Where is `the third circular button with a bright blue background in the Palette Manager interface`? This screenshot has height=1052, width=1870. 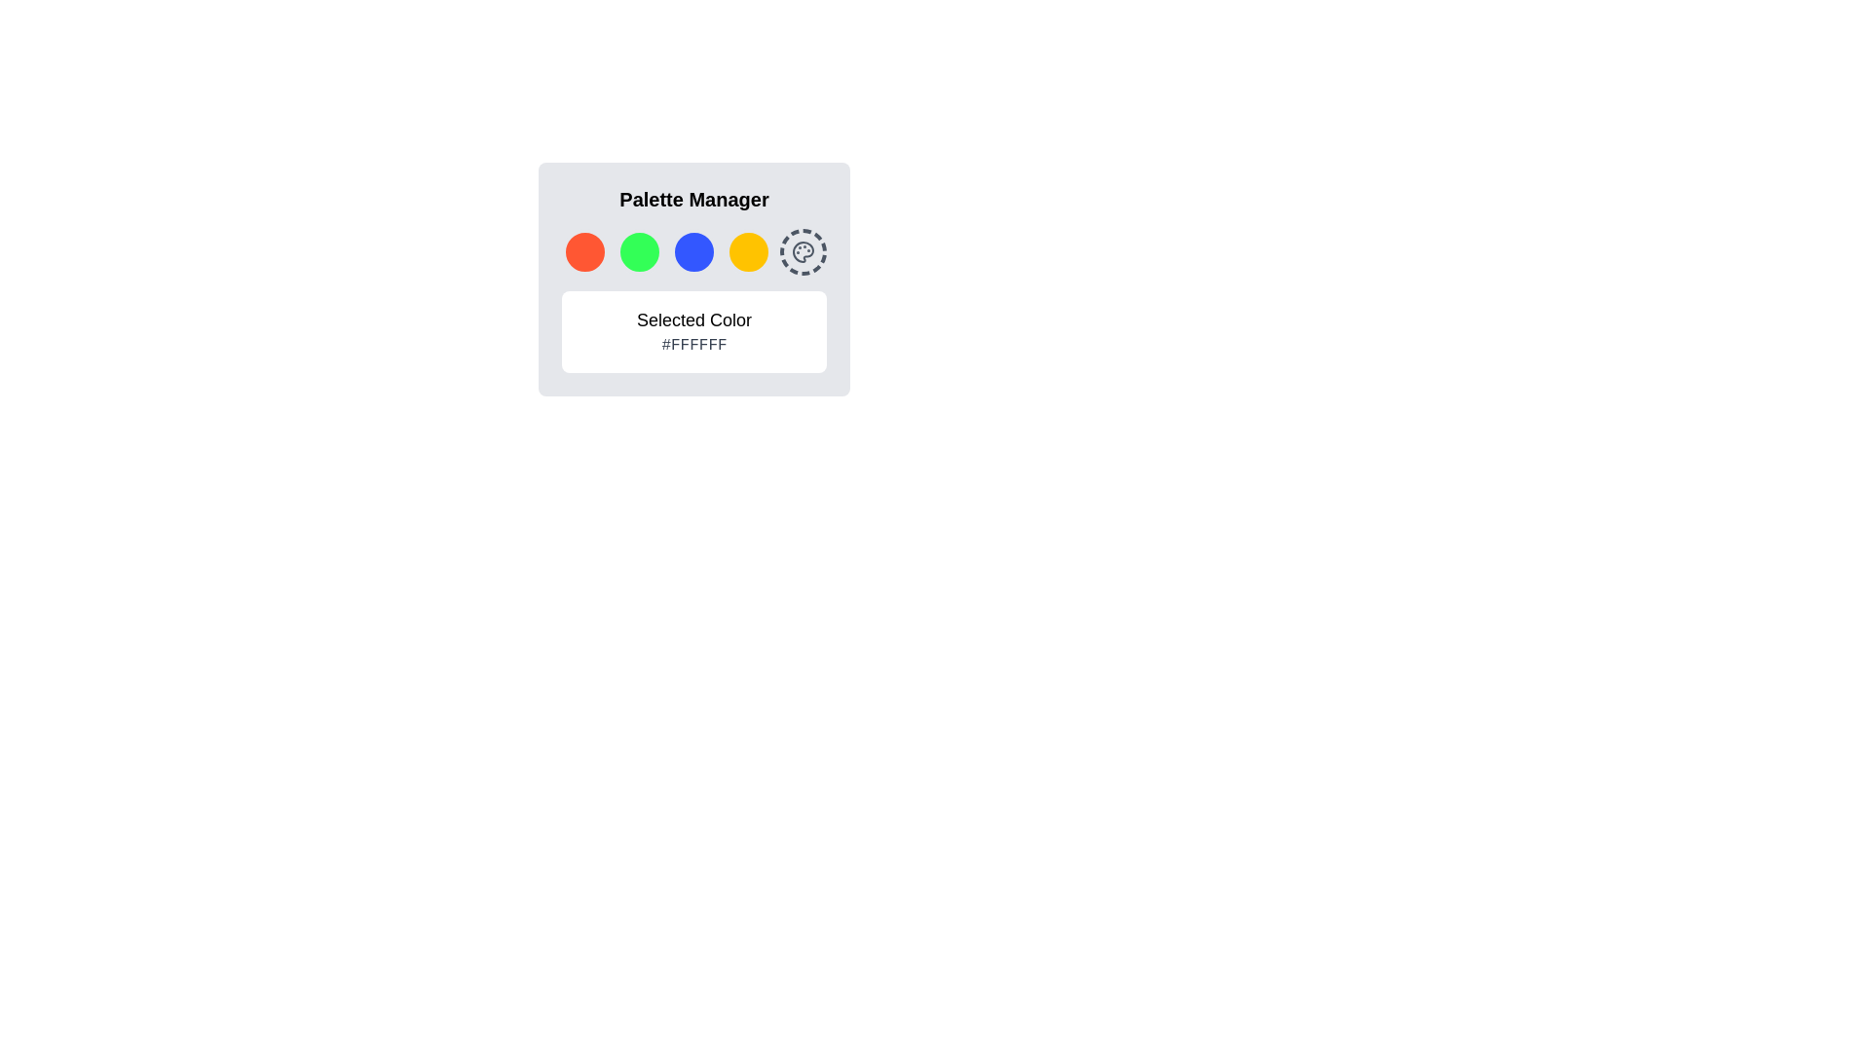
the third circular button with a bright blue background in the Palette Manager interface is located at coordinates (694, 250).